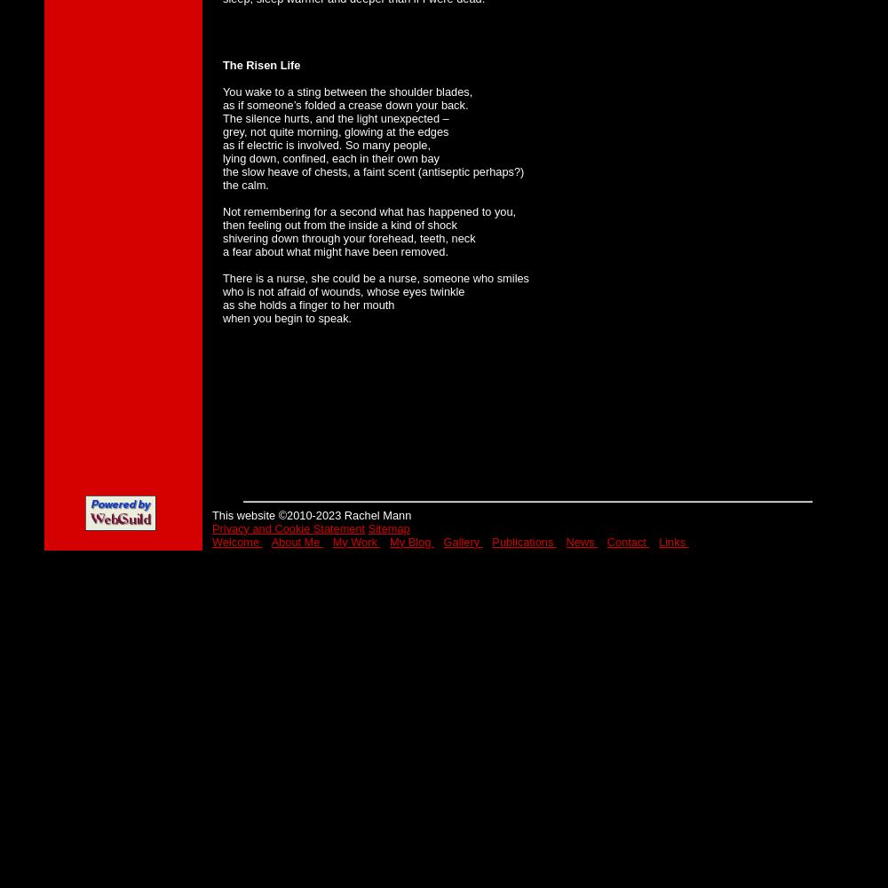 The height and width of the screenshot is (888, 888). I want to click on 'My Blog', so click(410, 540).